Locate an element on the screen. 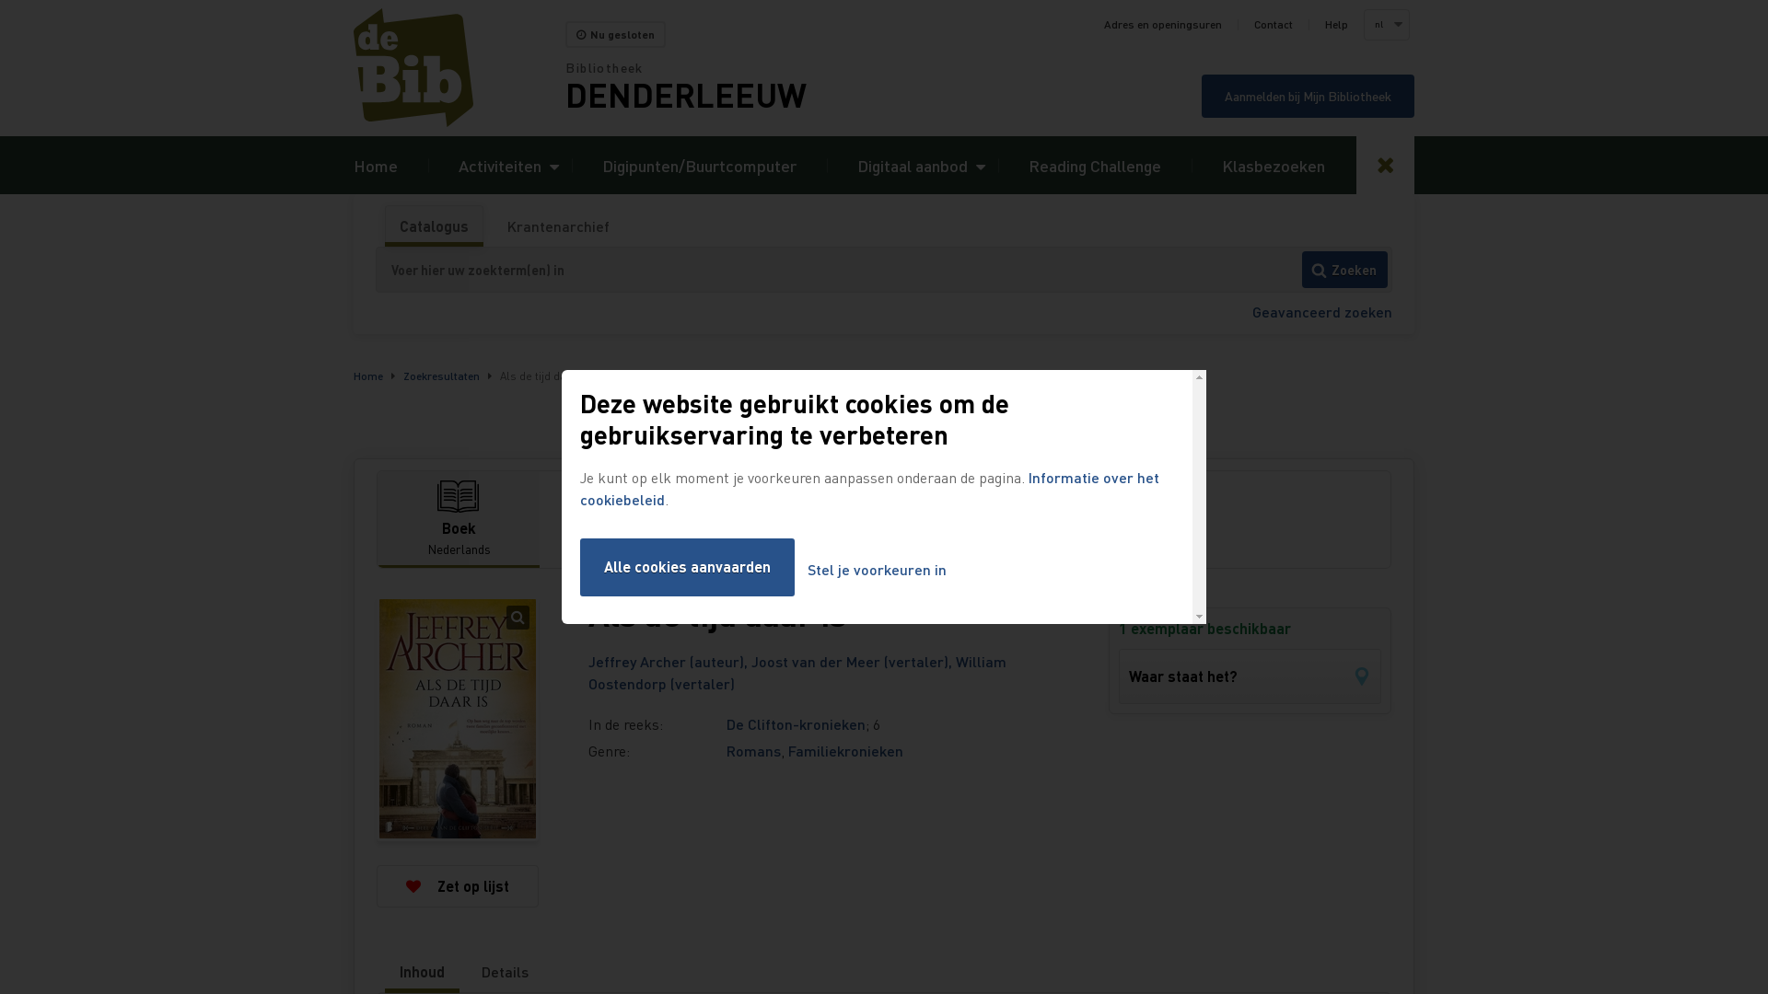 This screenshot has width=1768, height=994. 'nl' is located at coordinates (1365, 25).